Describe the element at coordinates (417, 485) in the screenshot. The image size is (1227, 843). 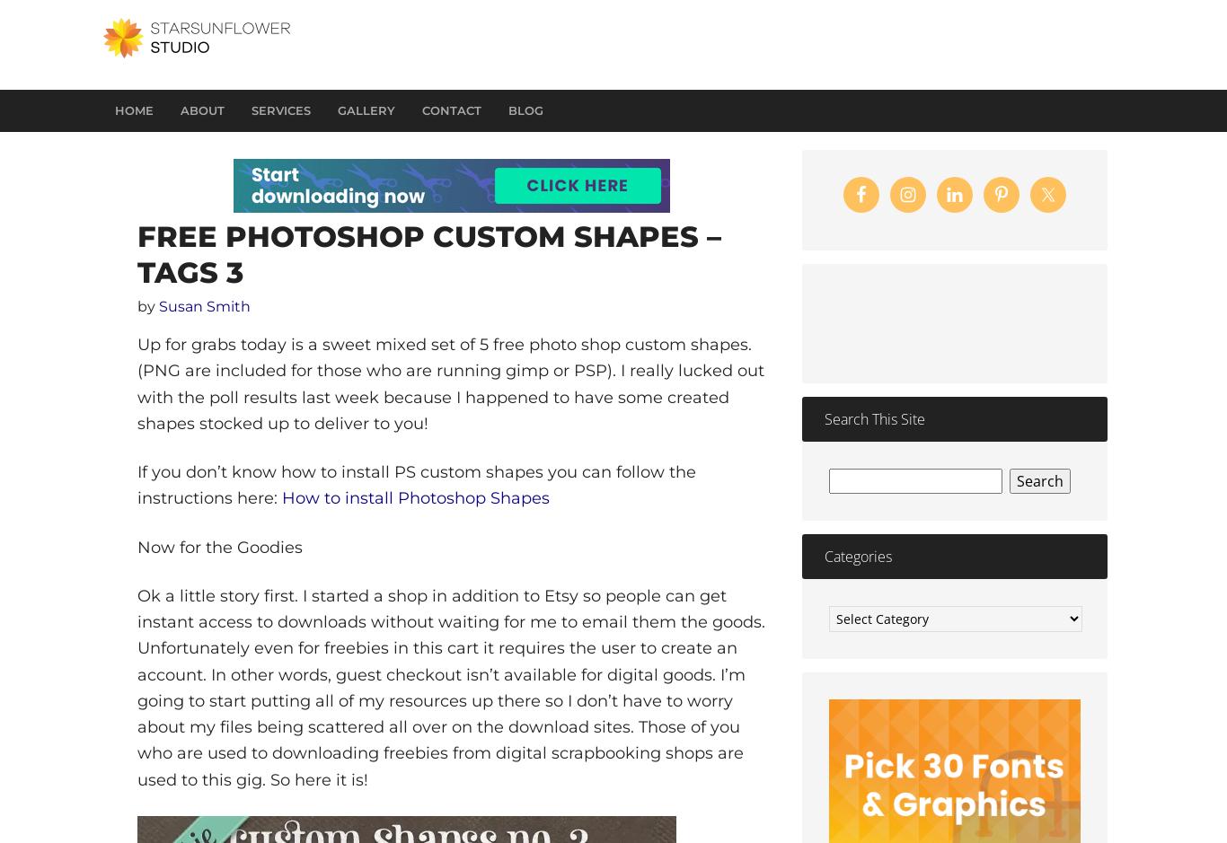
I see `'If you don’t know how to install PS custom shapes you can follow the instructions here:'` at that location.